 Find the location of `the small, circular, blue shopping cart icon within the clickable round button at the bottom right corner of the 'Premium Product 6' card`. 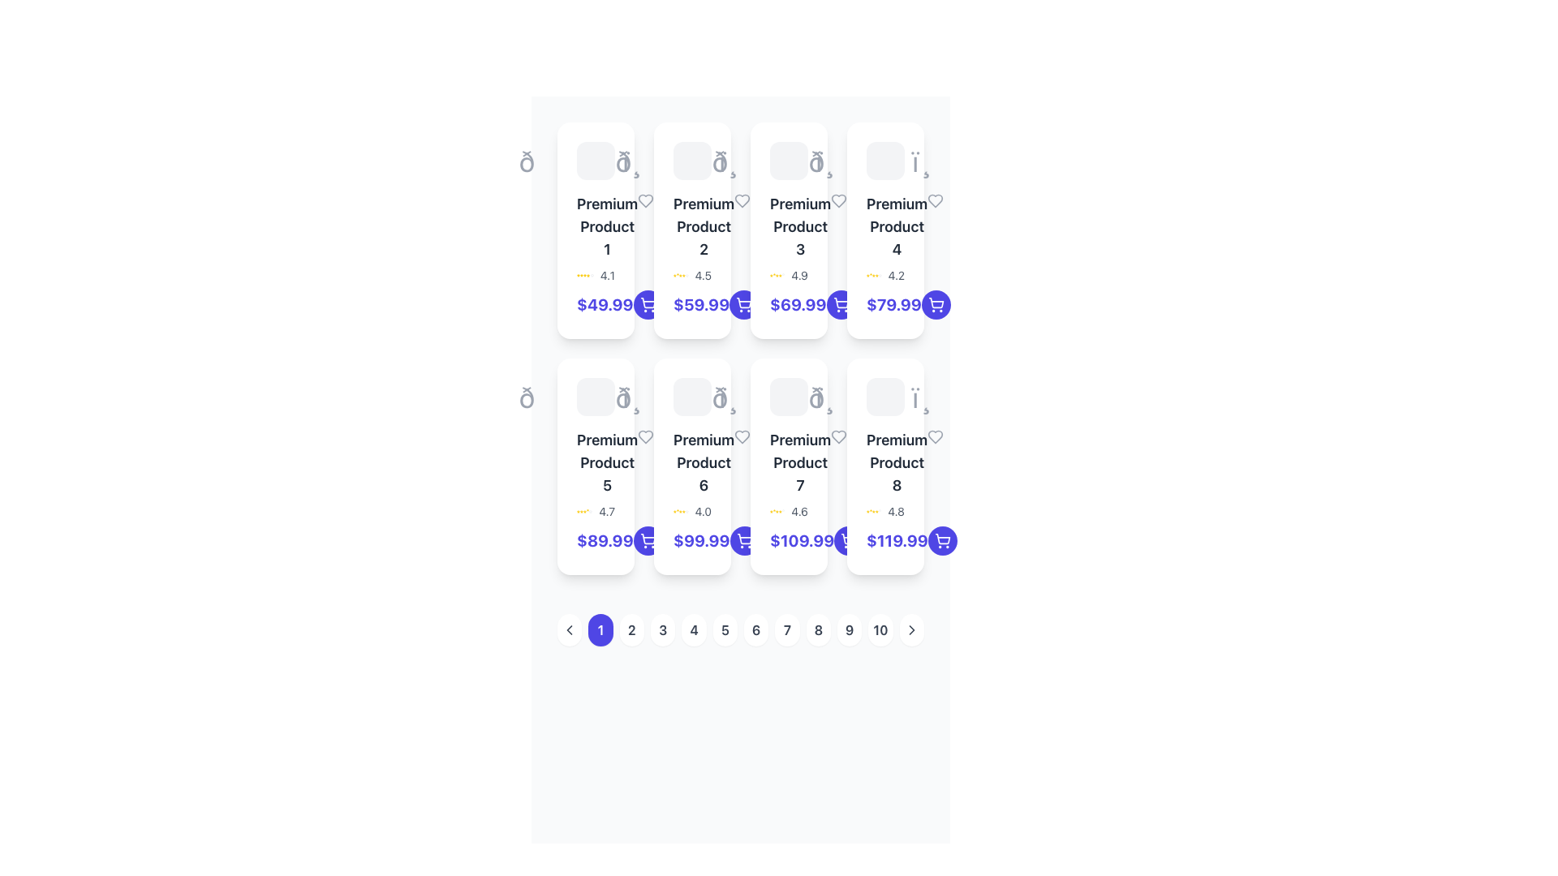

the small, circular, blue shopping cart icon within the clickable round button at the bottom right corner of the 'Premium Product 6' card is located at coordinates (647, 541).